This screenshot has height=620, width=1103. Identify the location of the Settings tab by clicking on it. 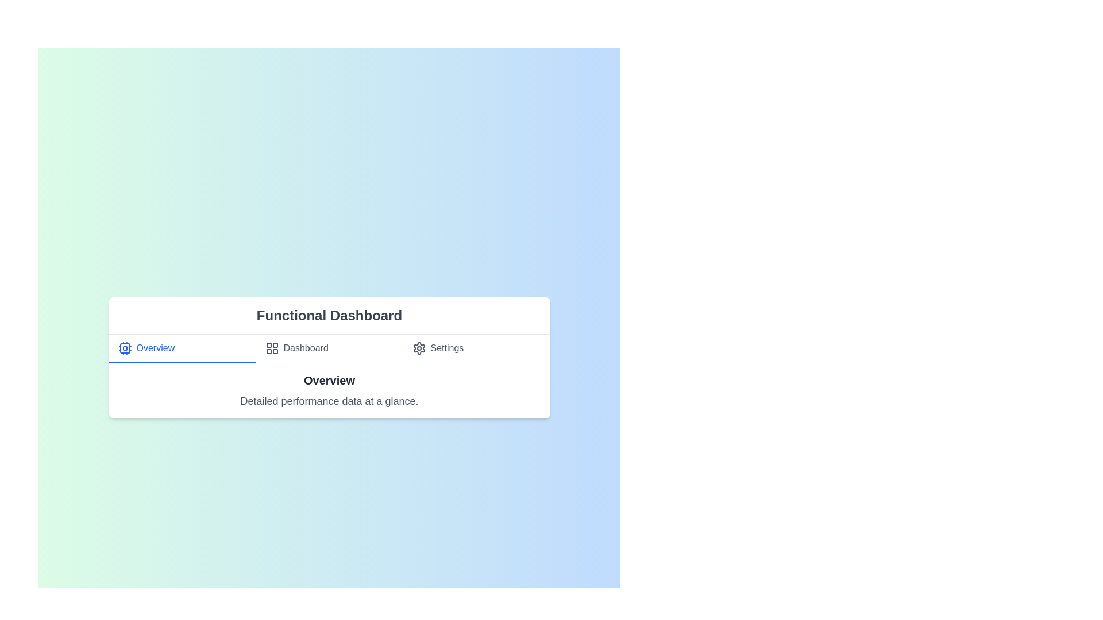
(476, 348).